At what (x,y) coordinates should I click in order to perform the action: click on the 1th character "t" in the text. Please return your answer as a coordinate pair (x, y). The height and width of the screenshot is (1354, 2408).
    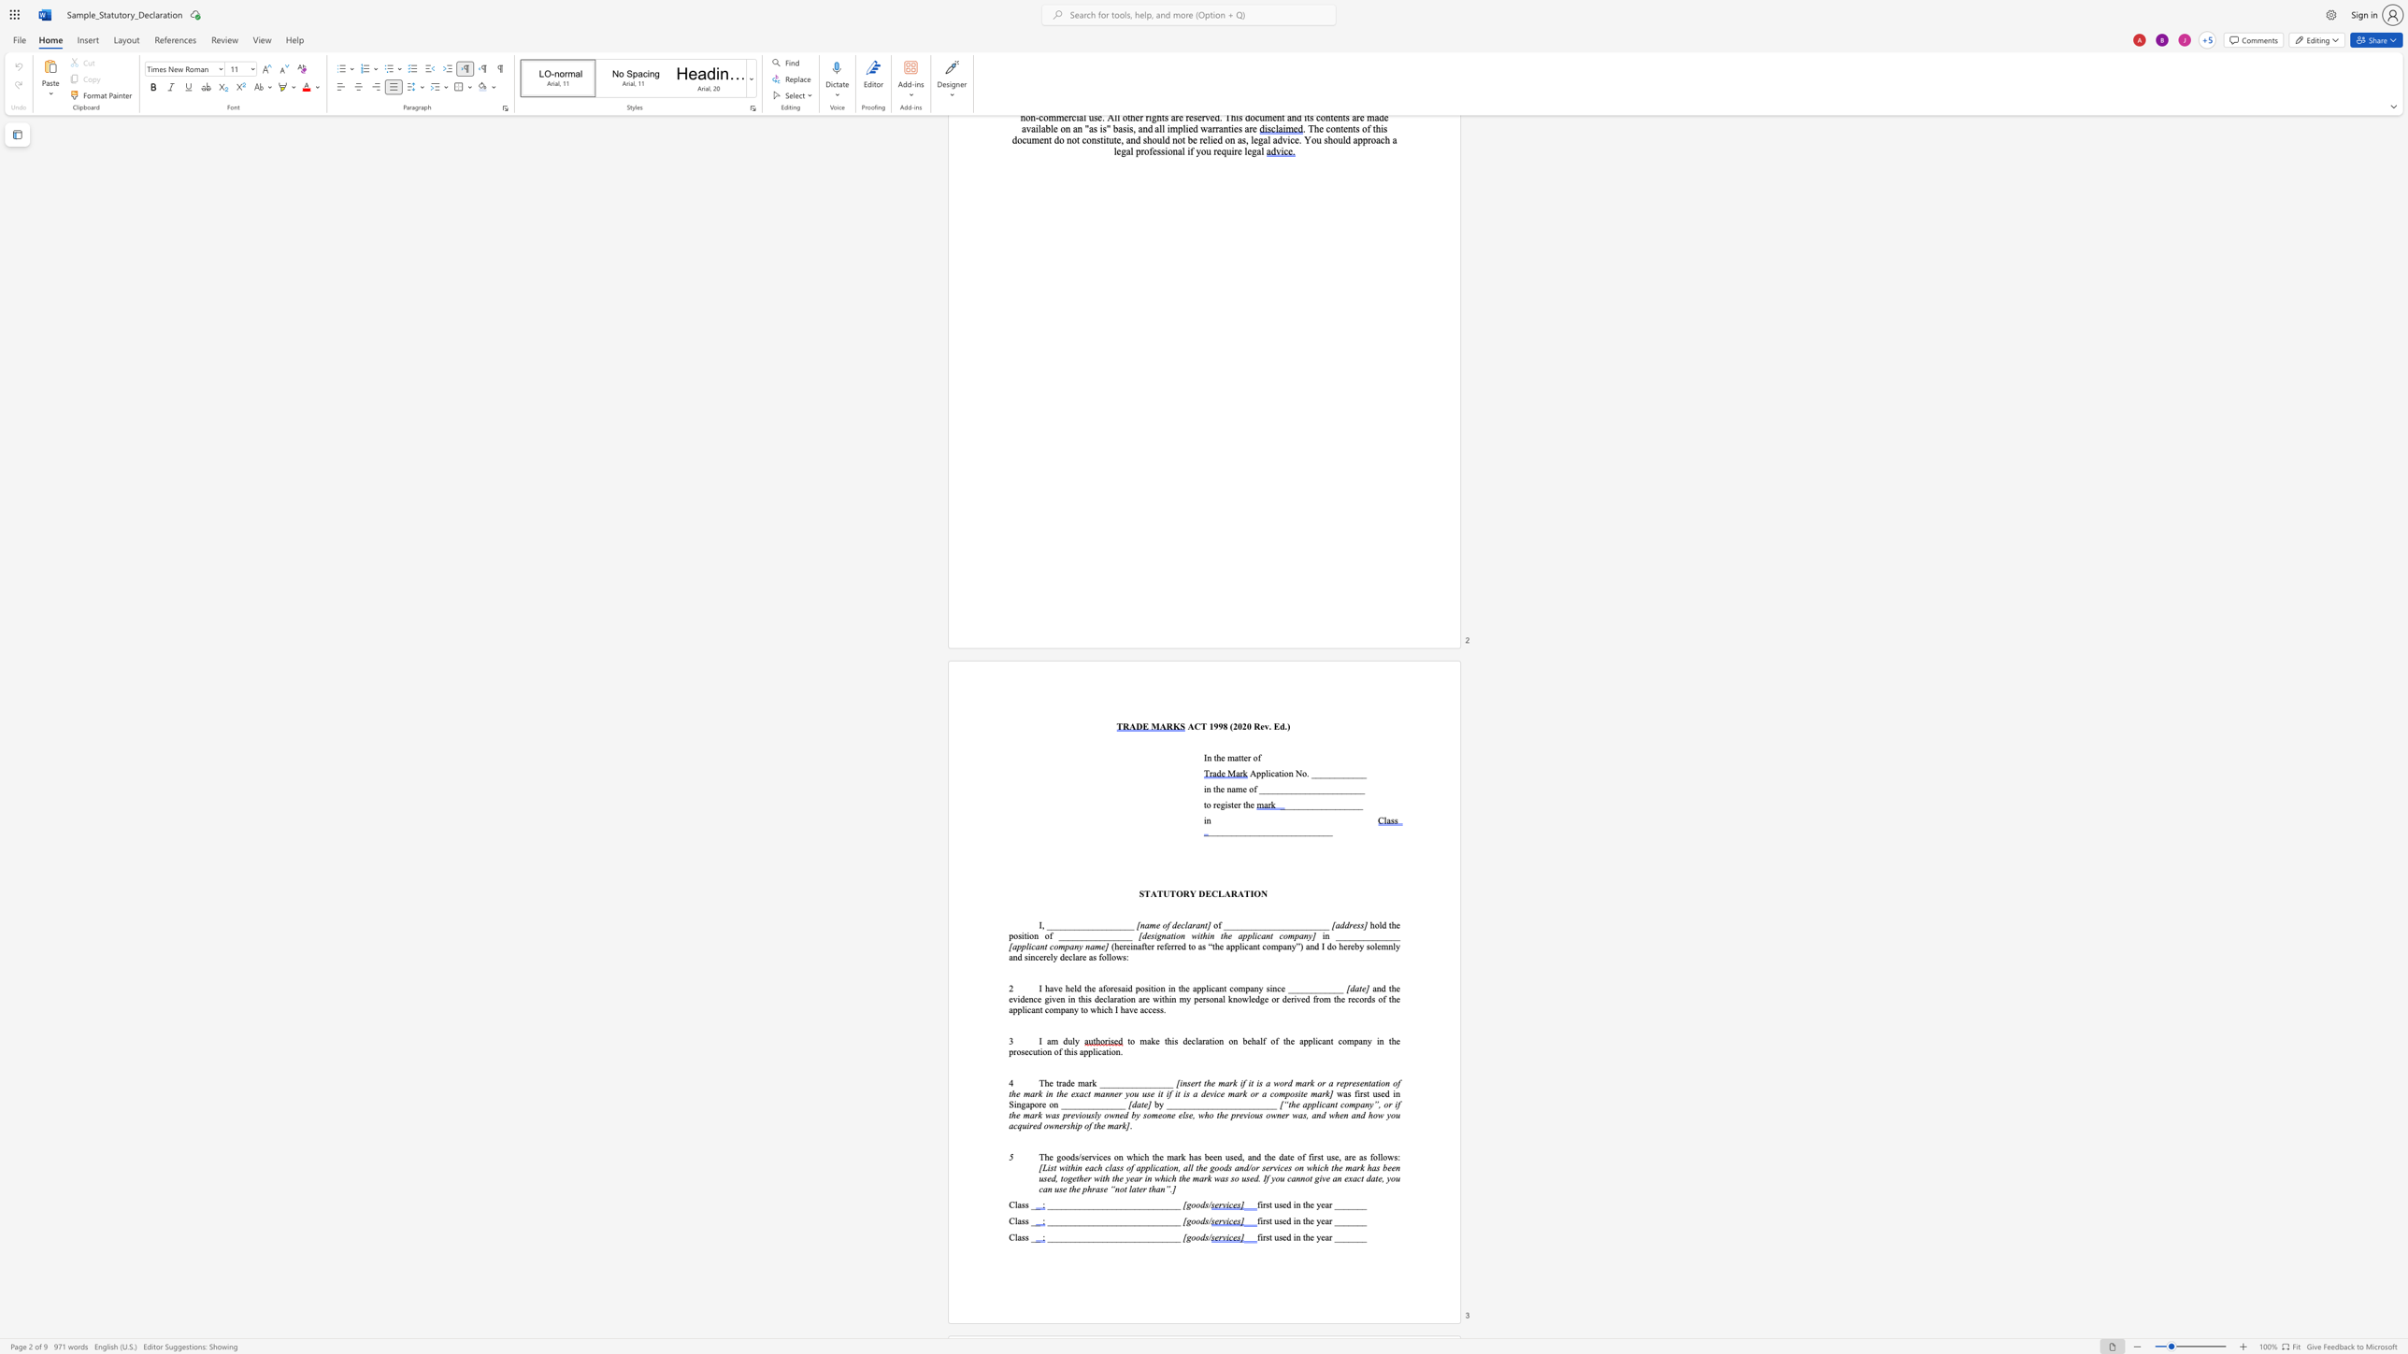
    Looking at the image, I should click on (1279, 772).